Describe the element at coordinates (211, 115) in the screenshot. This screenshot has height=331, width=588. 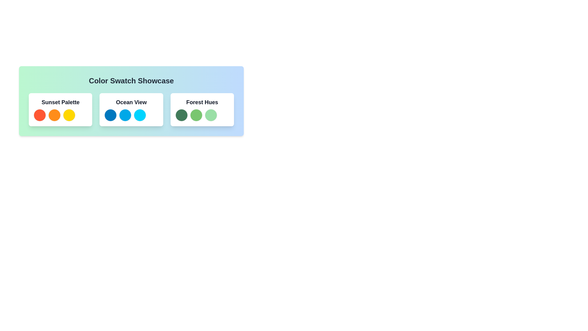
I see `the third circular color swatch in the 'Forest Hues' section of the color swatch interface` at that location.